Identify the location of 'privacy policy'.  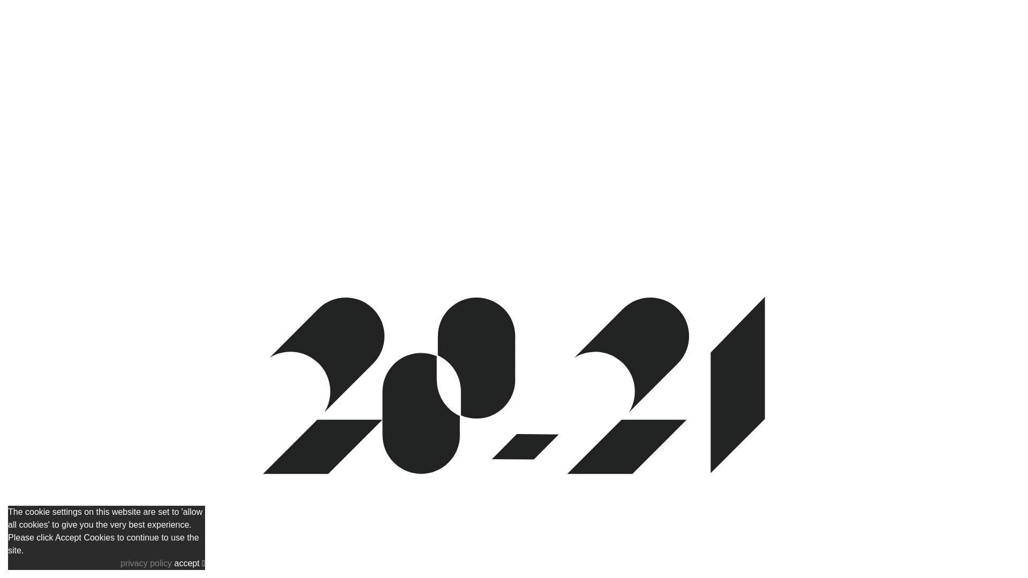
(146, 562).